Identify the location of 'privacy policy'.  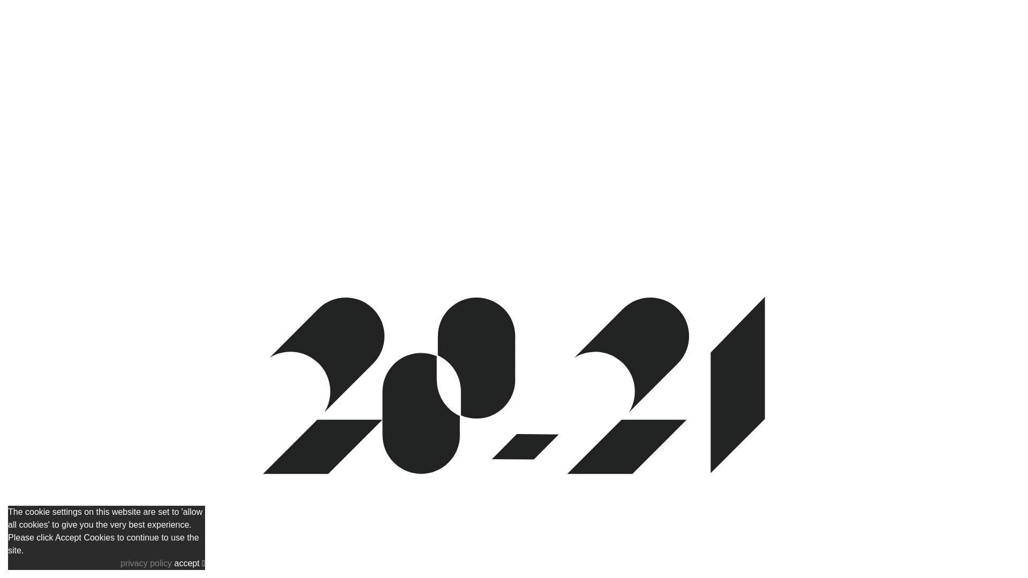
(146, 562).